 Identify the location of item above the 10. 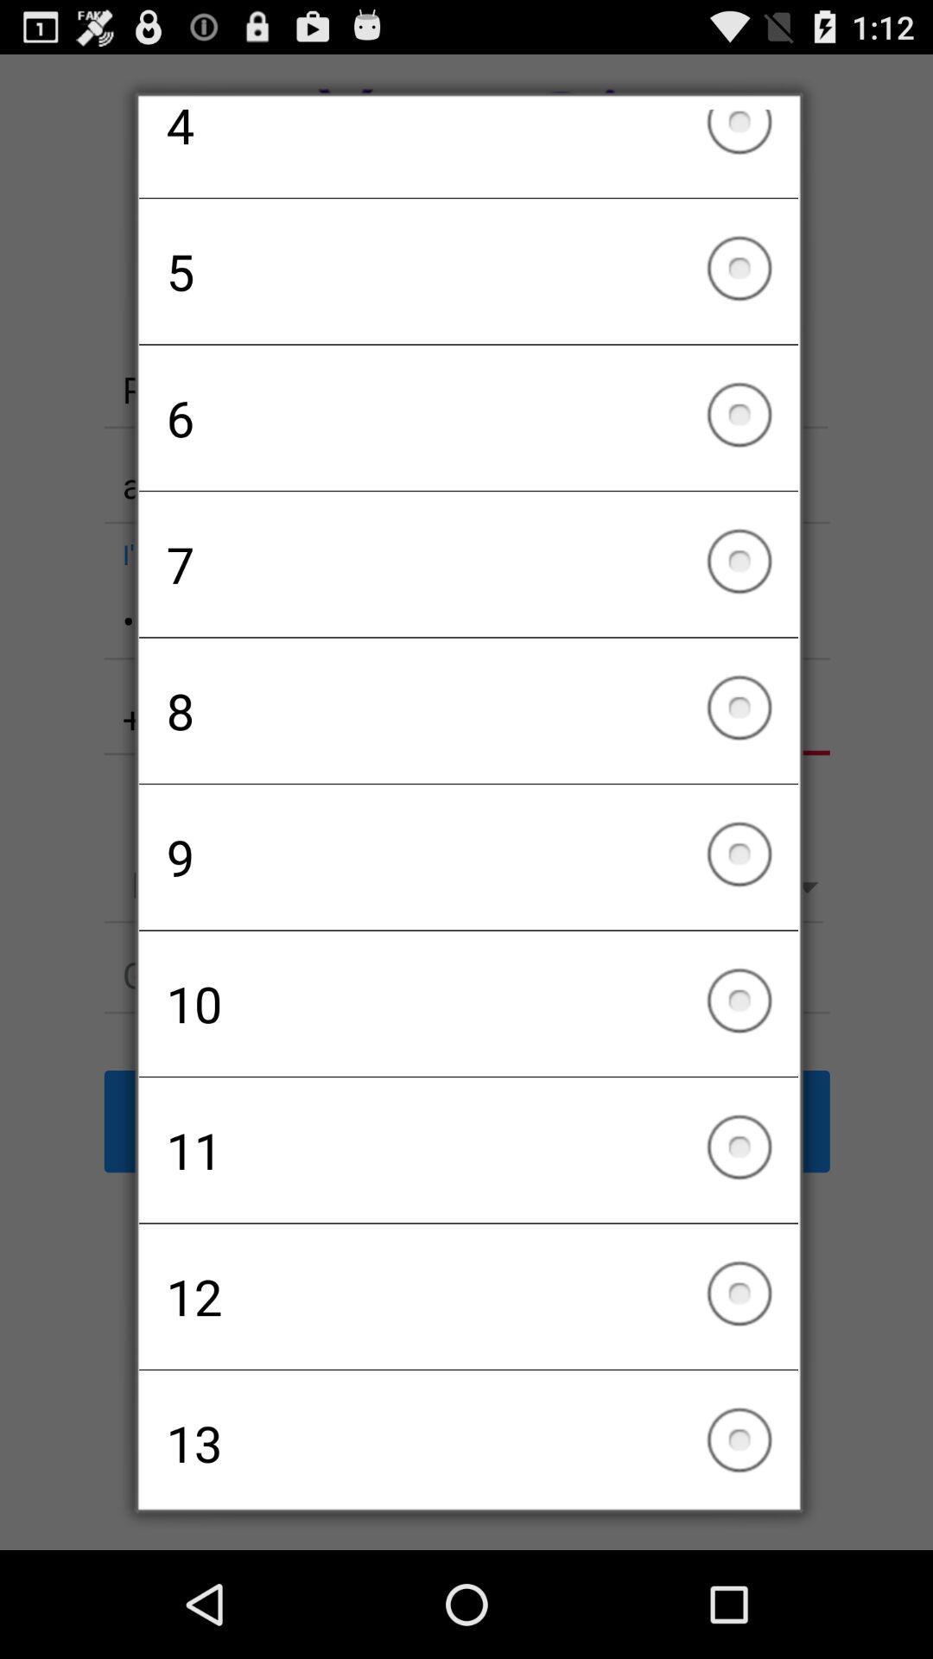
(468, 857).